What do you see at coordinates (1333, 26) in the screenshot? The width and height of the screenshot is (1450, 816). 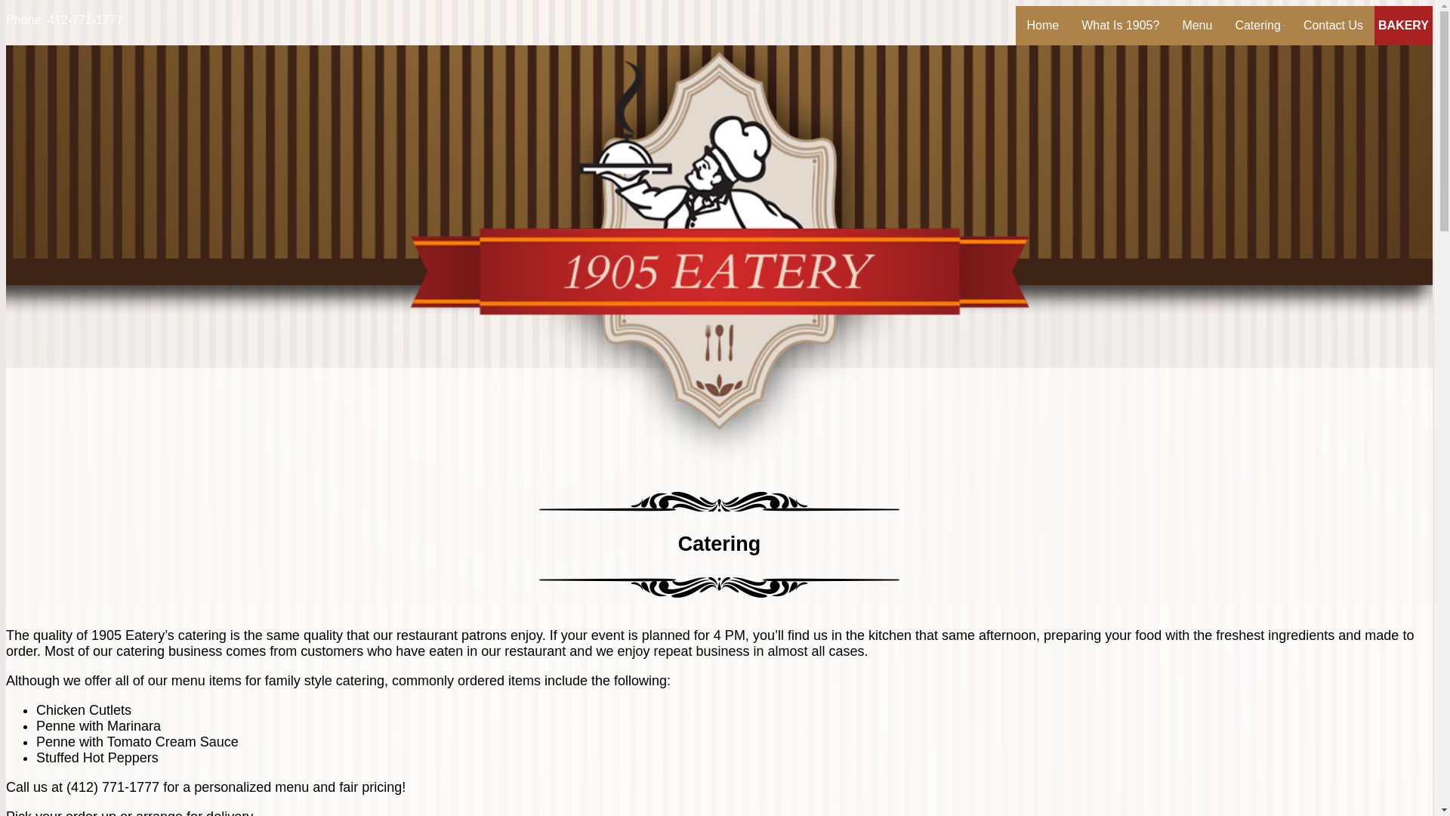 I see `'Contact Us'` at bounding box center [1333, 26].